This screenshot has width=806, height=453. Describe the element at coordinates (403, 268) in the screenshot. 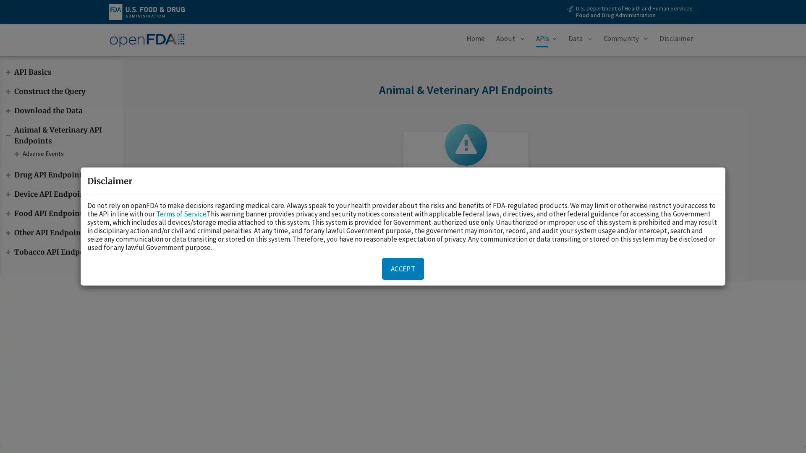

I see `ACCEPT` at that location.